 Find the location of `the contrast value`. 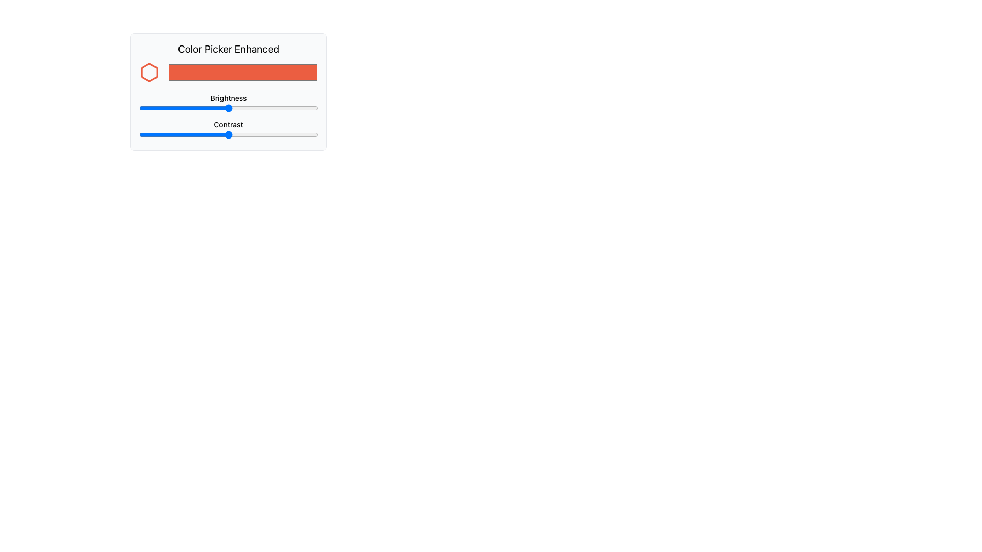

the contrast value is located at coordinates (240, 134).